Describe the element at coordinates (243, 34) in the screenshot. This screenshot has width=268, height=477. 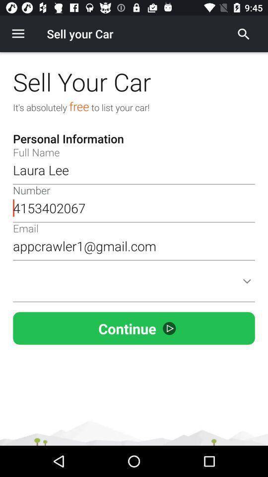
I see `search button` at that location.